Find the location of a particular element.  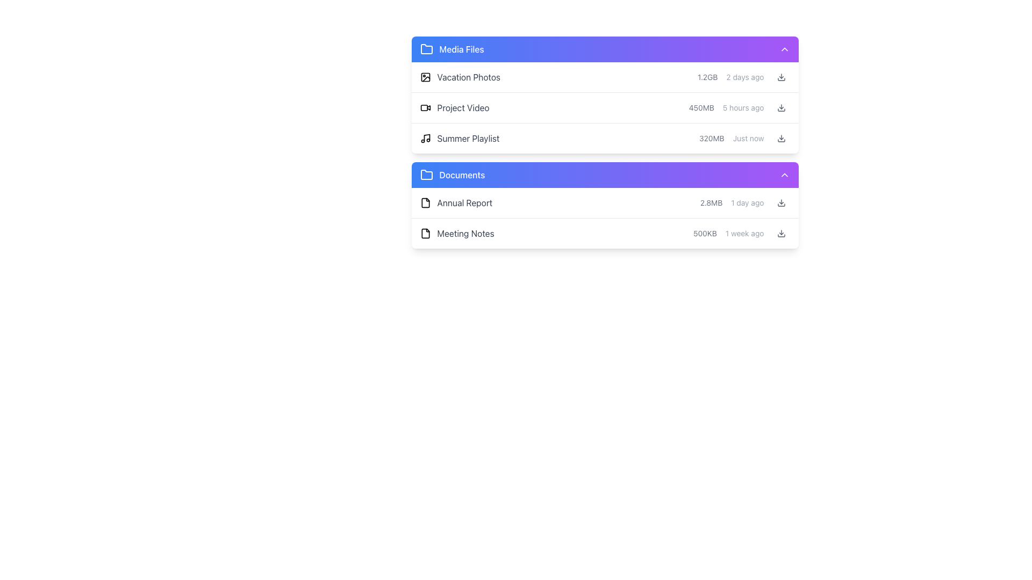

the timestamp text label indicating the upload or modification time for the 'Summer Playlist' file, located near the right end of the row in the 'Media Files' group is located at coordinates (748, 138).